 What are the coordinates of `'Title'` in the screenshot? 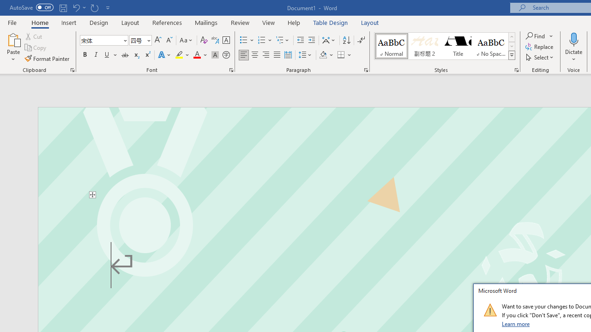 It's located at (458, 46).